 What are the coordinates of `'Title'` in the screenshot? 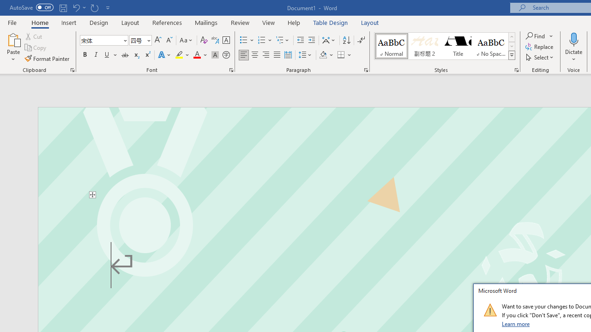 It's located at (458, 46).